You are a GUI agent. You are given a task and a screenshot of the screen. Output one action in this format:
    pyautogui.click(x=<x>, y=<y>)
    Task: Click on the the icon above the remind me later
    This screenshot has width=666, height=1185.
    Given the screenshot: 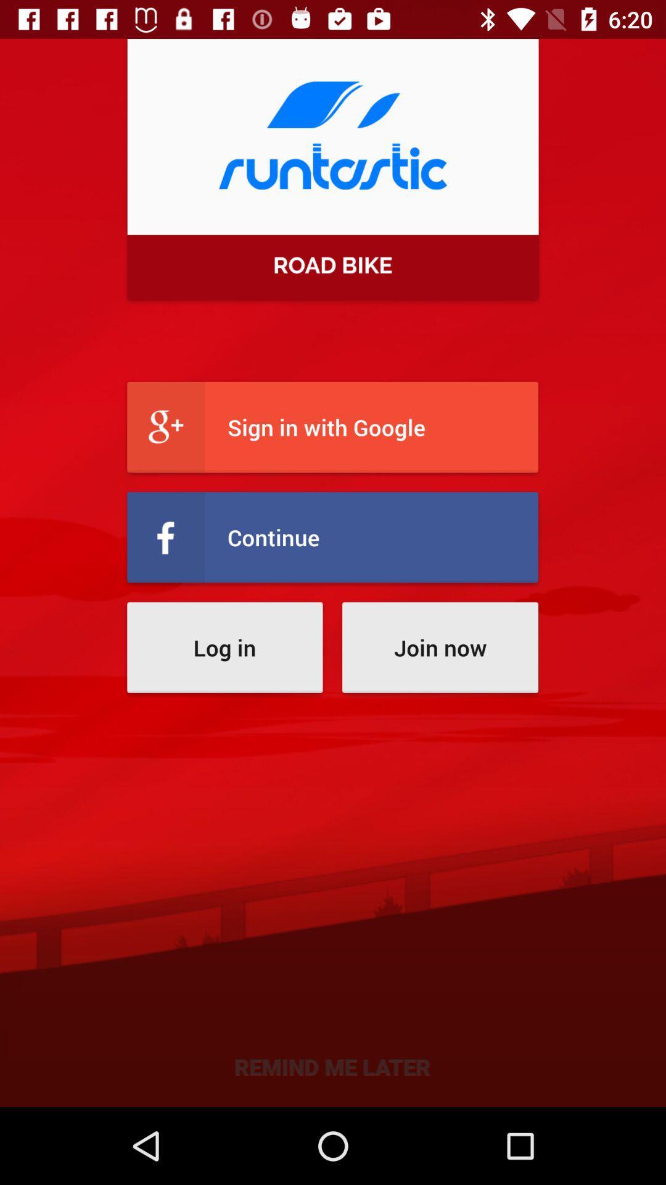 What is the action you would take?
    pyautogui.click(x=439, y=647)
    